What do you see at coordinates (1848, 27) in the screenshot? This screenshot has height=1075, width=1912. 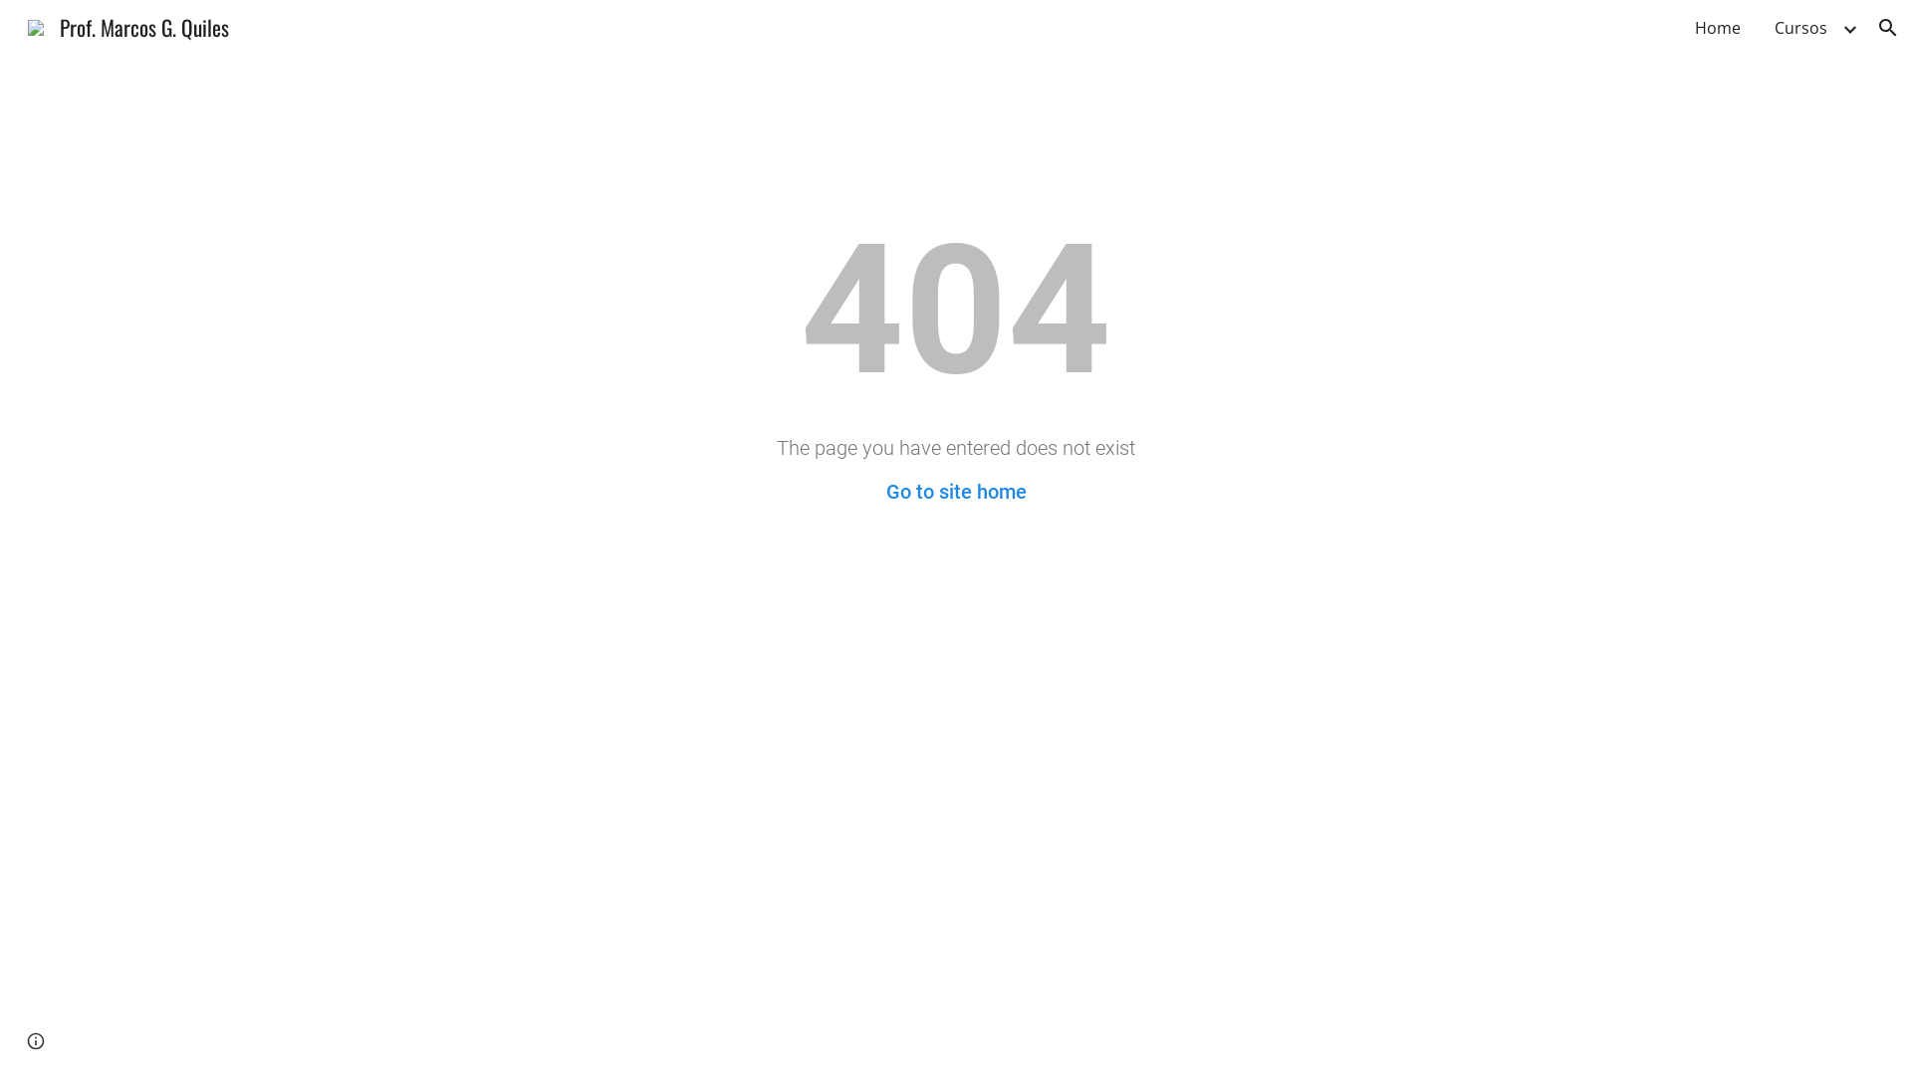 I see `'Expand/Collapse'` at bounding box center [1848, 27].